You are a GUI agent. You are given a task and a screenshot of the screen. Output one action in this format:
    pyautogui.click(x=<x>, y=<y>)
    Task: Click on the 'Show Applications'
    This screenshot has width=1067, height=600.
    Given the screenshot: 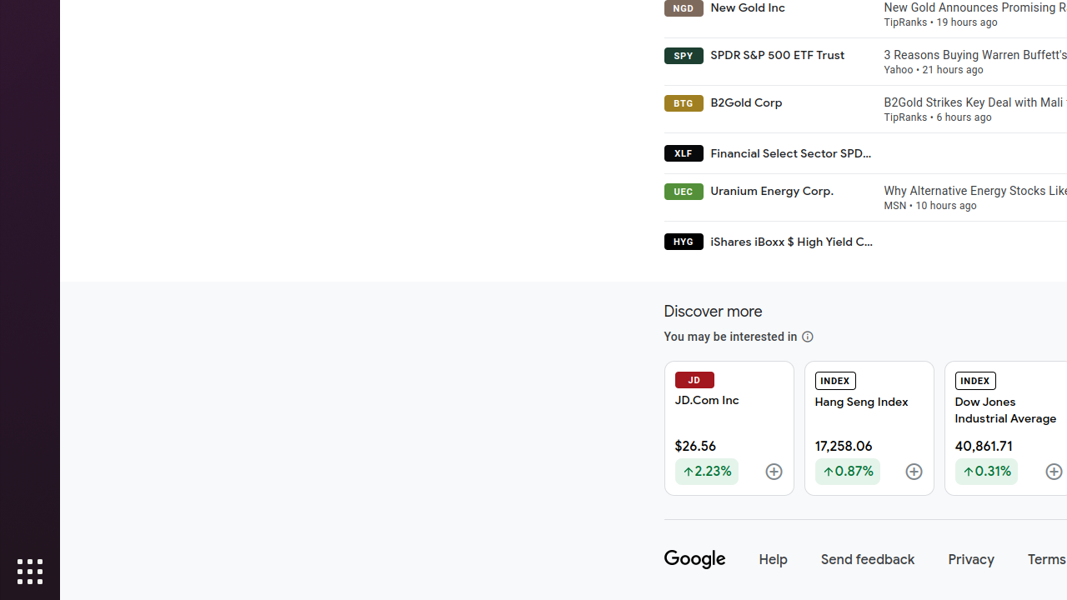 What is the action you would take?
    pyautogui.click(x=29, y=571)
    